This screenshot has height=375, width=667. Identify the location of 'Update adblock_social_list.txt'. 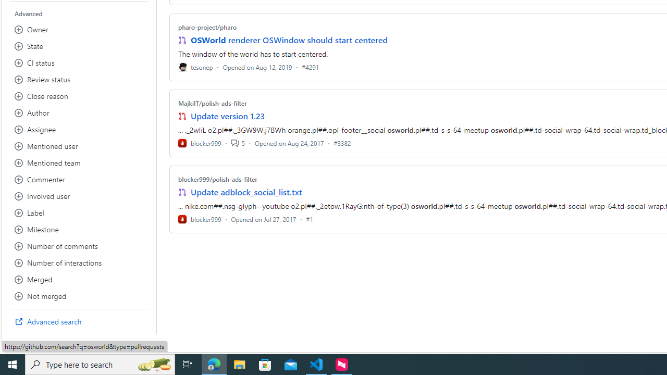
(245, 192).